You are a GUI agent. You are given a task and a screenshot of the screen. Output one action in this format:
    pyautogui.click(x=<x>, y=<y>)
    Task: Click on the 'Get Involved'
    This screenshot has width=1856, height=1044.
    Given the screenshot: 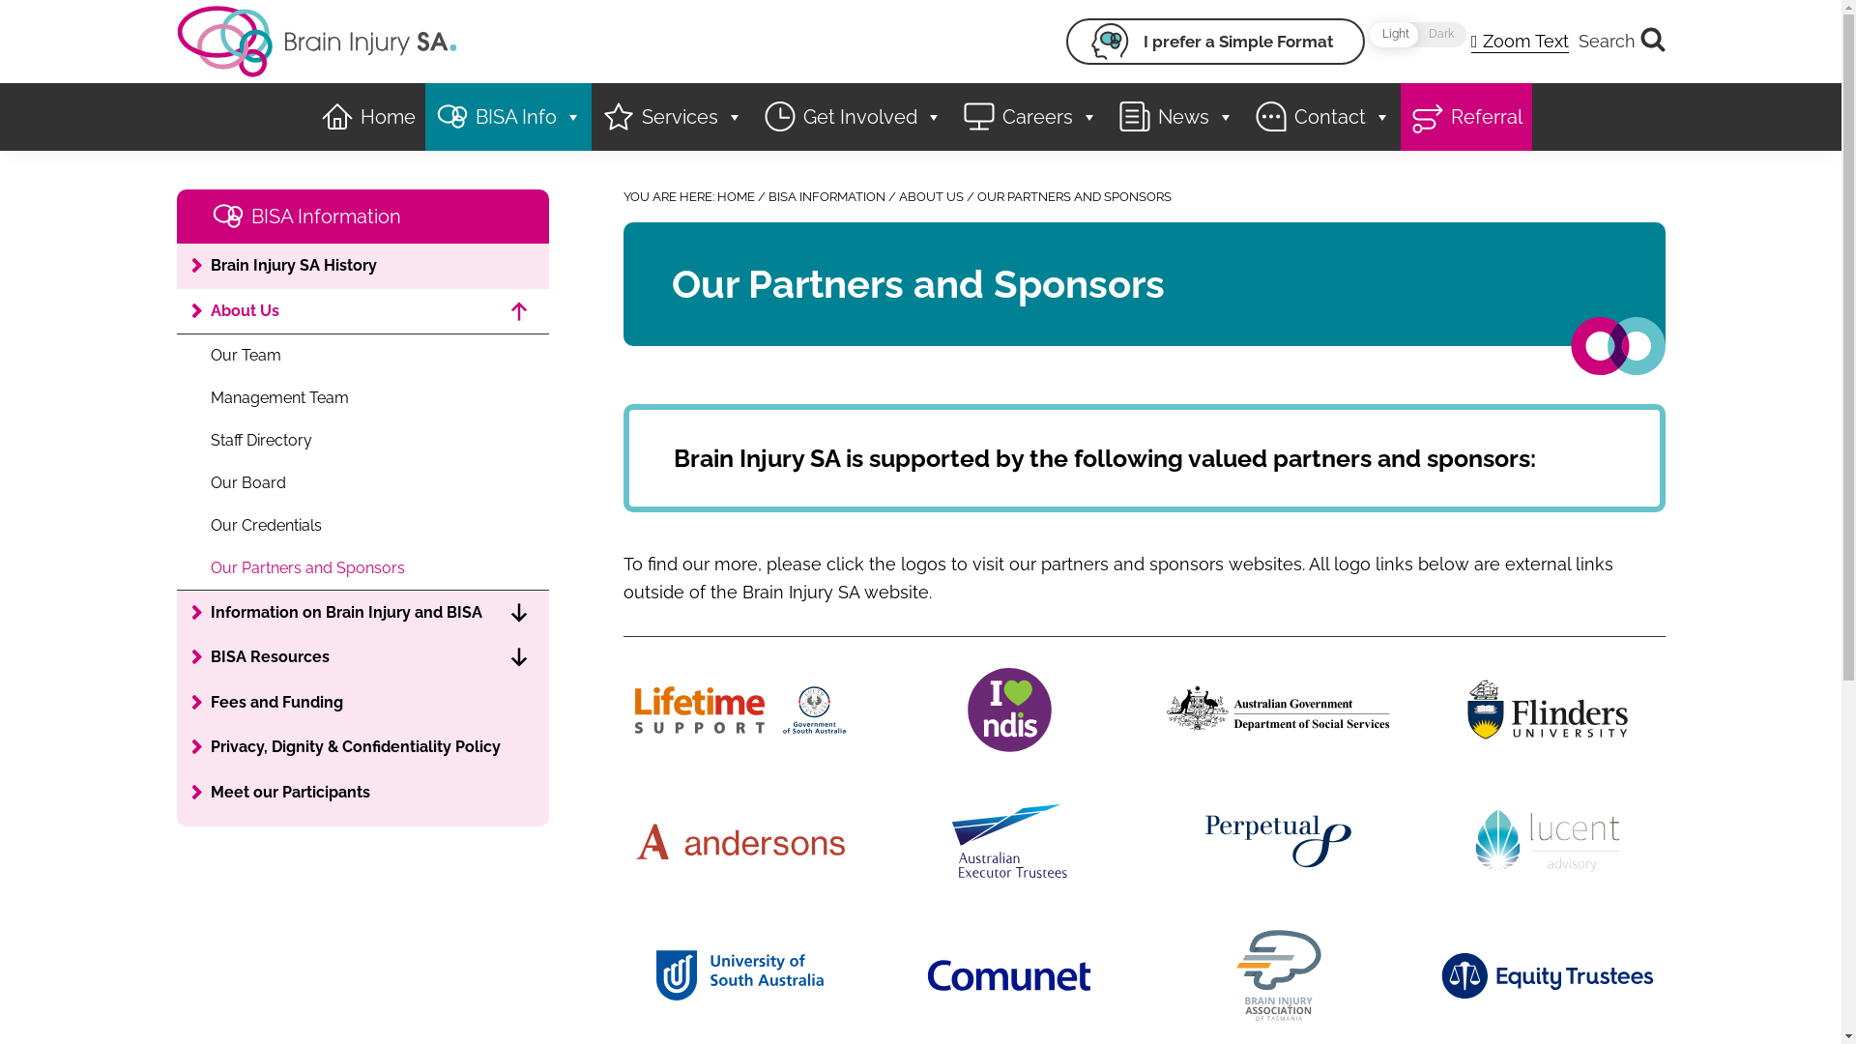 What is the action you would take?
    pyautogui.click(x=851, y=116)
    